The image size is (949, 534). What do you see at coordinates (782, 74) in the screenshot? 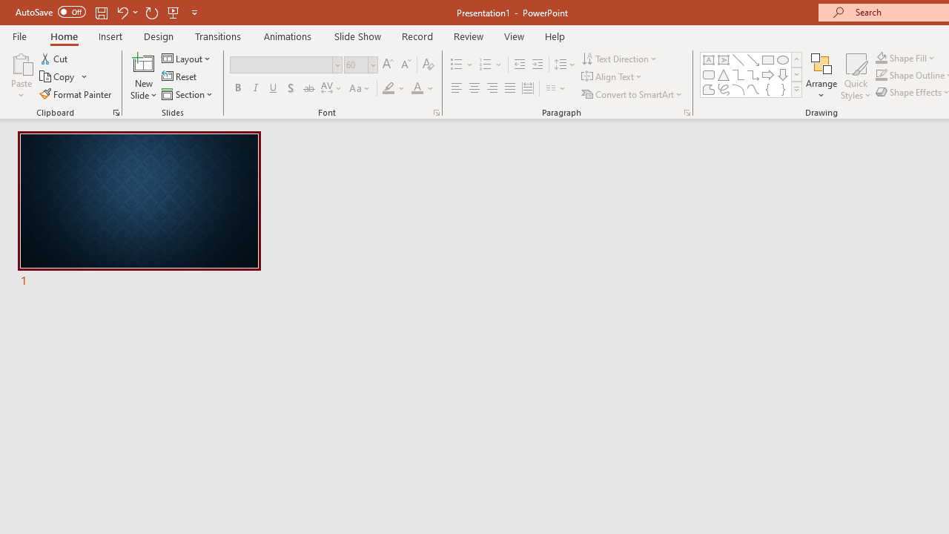
I see `'Arrow: Down'` at bounding box center [782, 74].